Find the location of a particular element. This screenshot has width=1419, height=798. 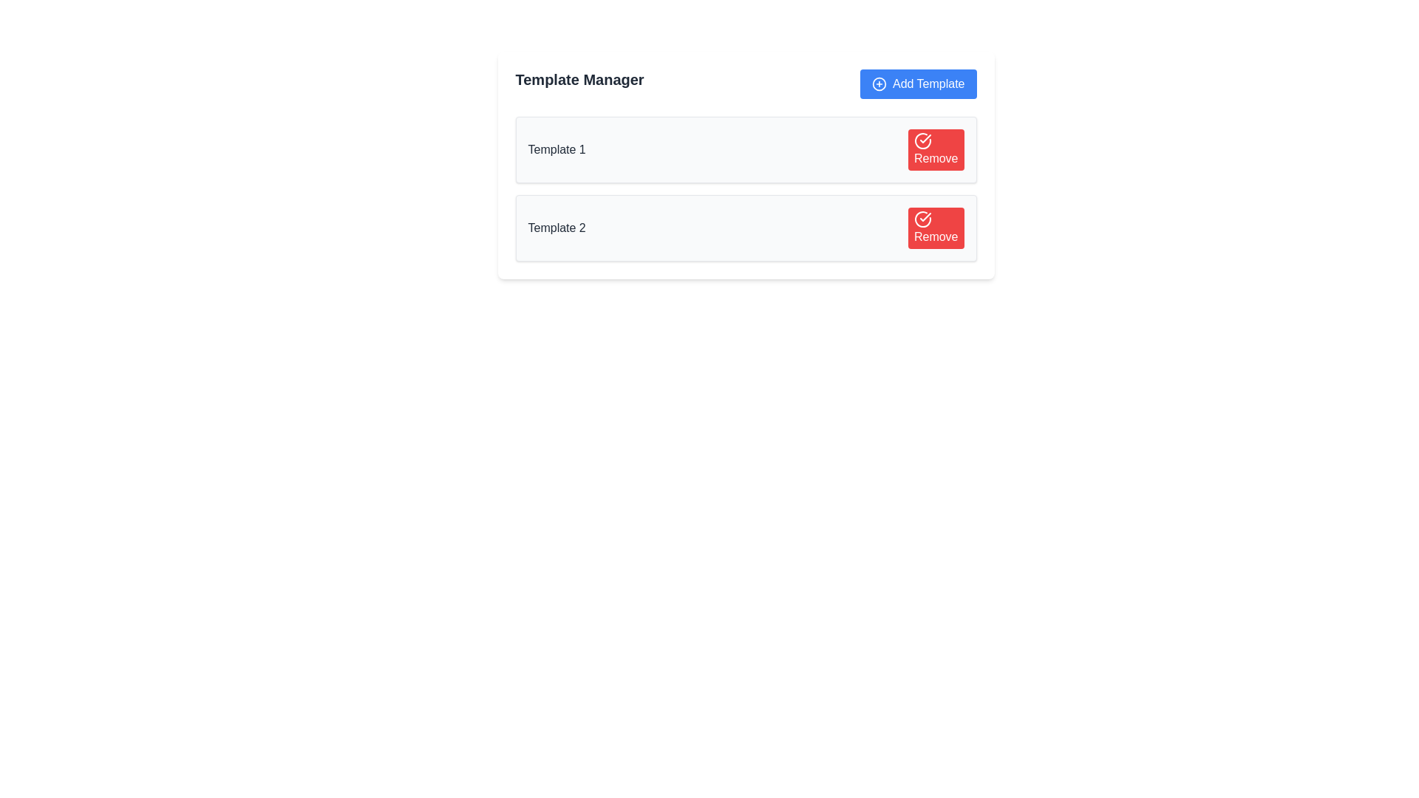

the confirmation icon located to the left of the prominent red 'Remove' button is located at coordinates (922, 141).